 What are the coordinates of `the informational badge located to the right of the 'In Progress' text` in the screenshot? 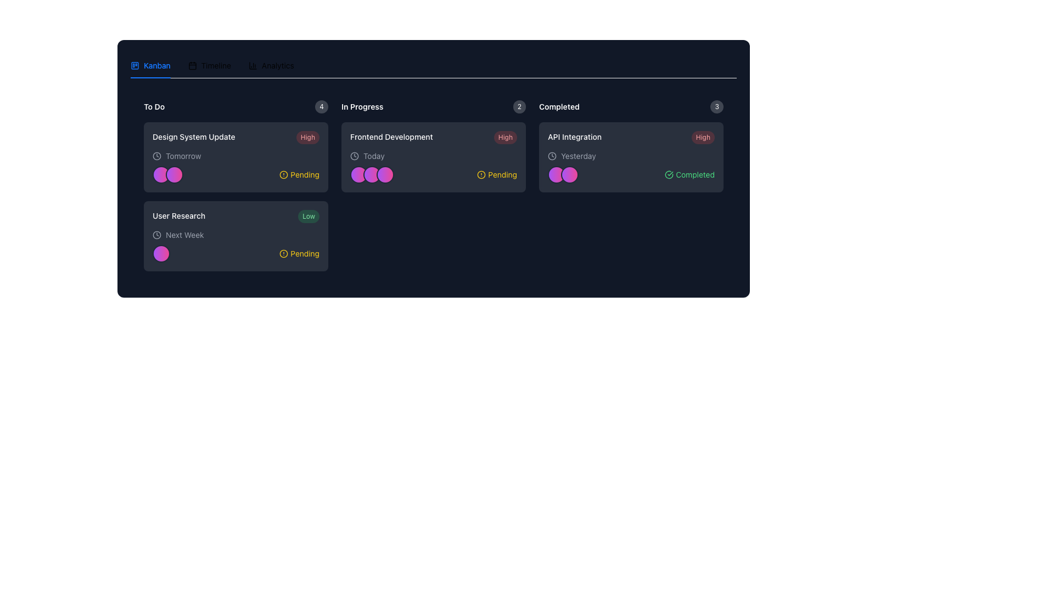 It's located at (519, 107).